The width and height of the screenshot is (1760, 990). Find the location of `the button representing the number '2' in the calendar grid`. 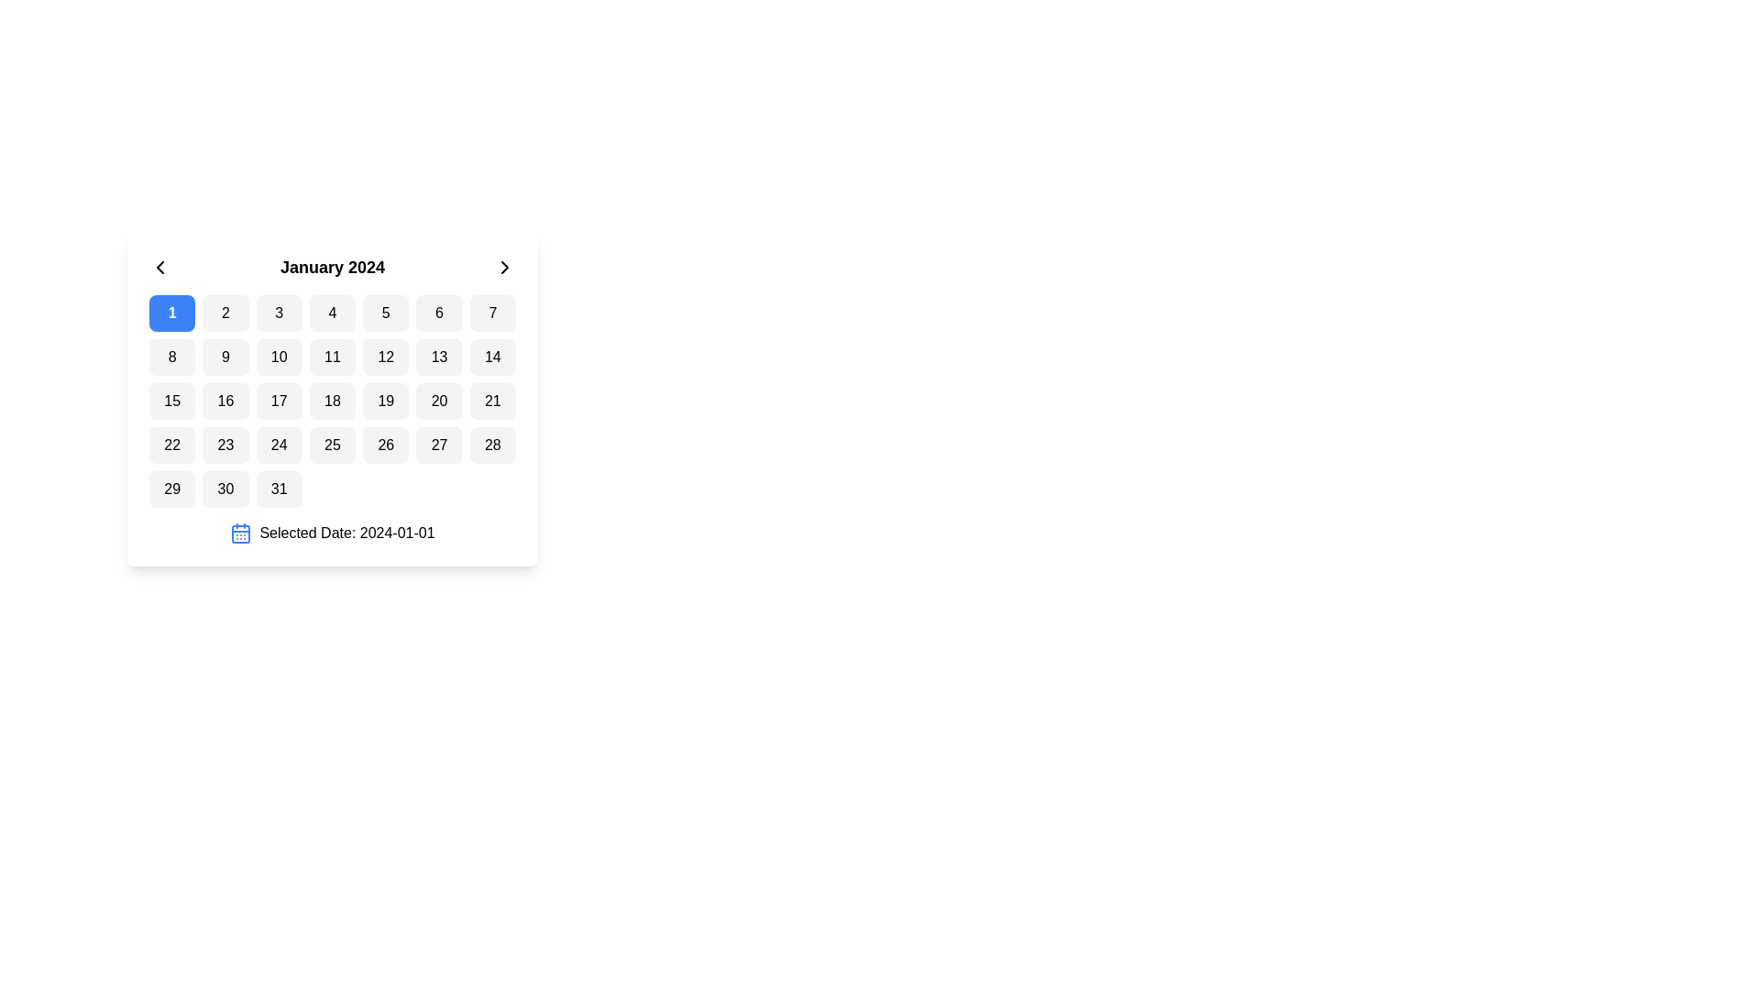

the button representing the number '2' in the calendar grid is located at coordinates (225, 313).